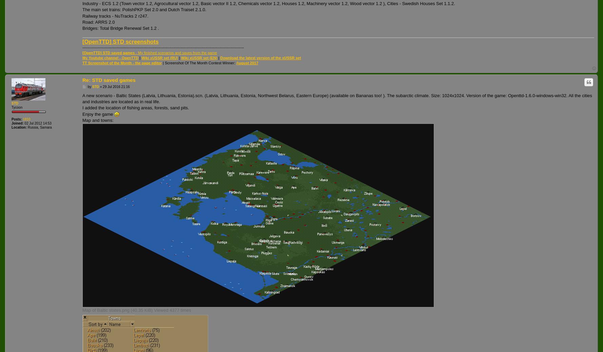 This screenshot has width=603, height=352. I want to click on 'My Youtube channel - OpenTTD', so click(110, 58).